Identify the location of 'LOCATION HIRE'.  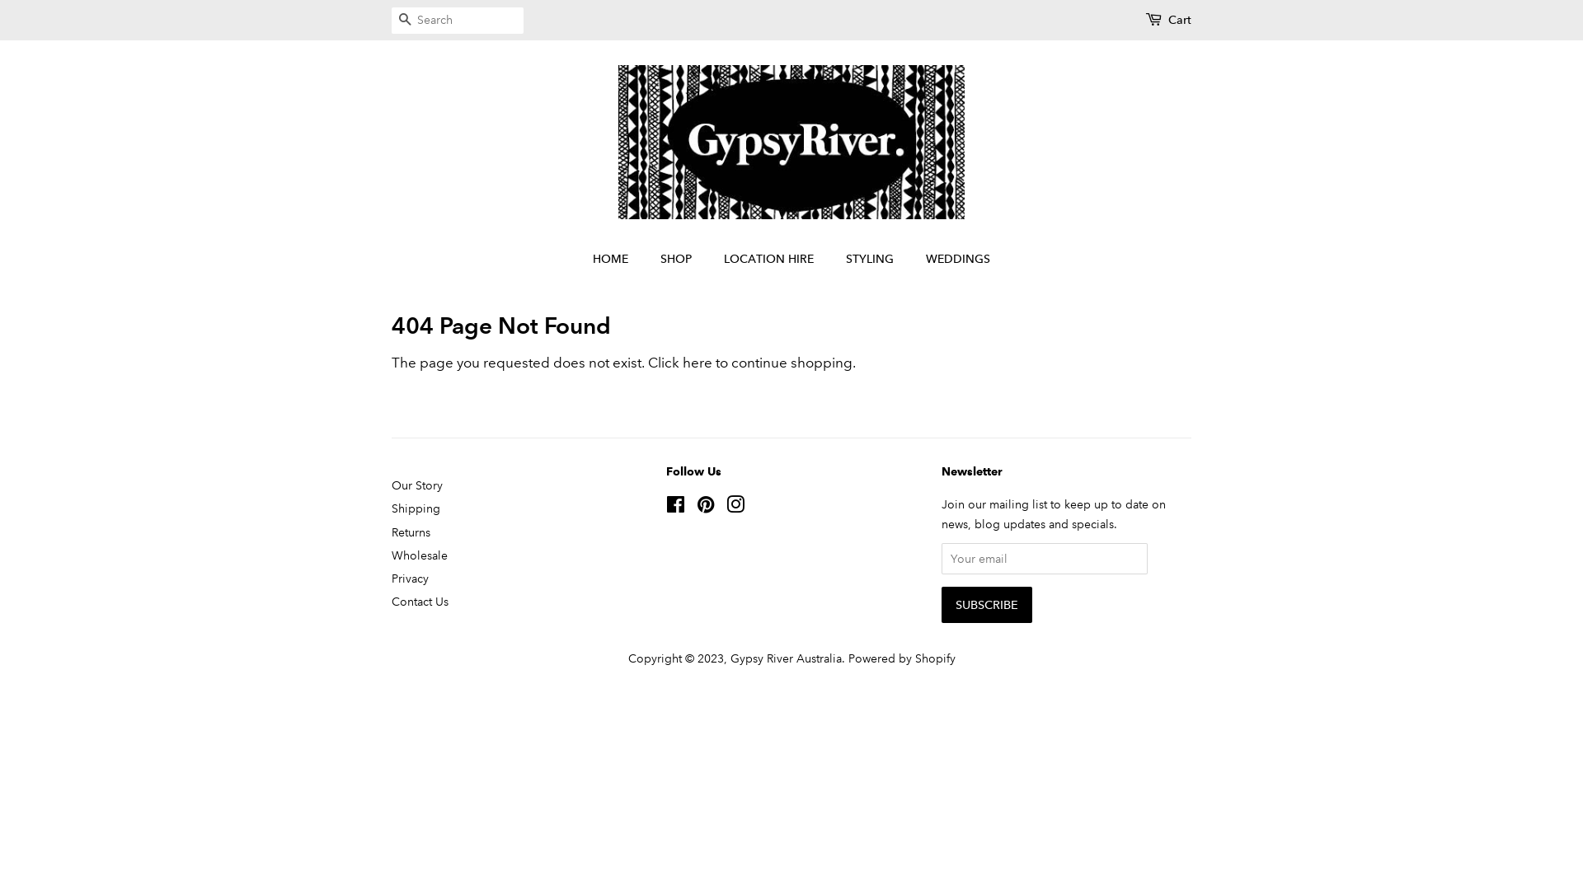
(712, 260).